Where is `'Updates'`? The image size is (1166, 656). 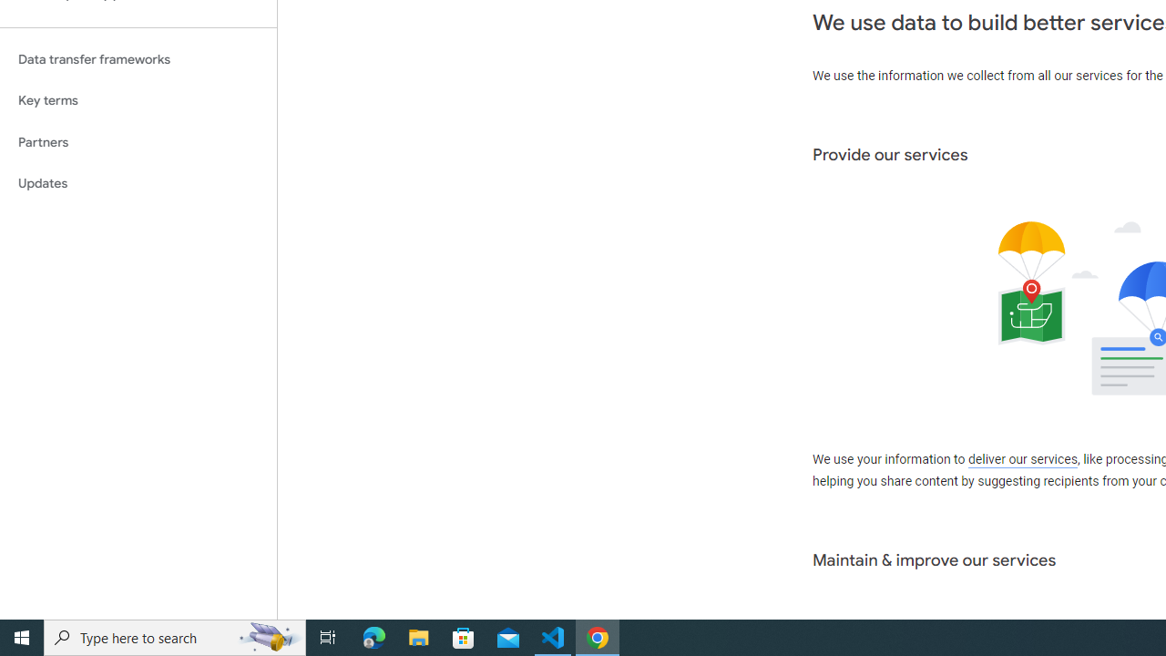 'Updates' is located at coordinates (138, 183).